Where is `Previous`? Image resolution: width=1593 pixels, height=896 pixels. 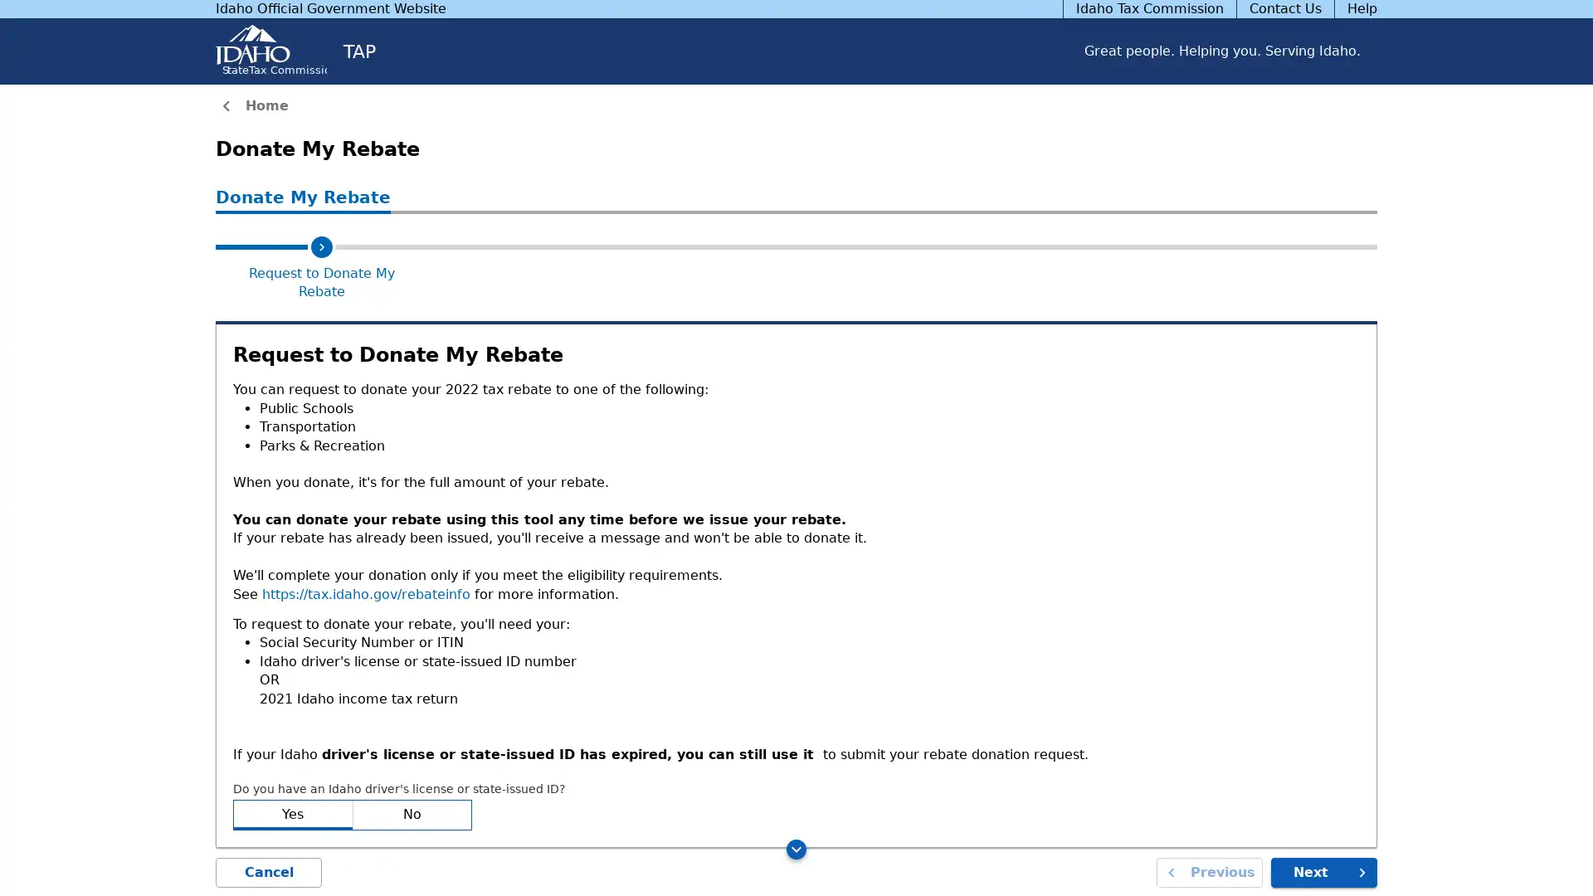 Previous is located at coordinates (1210, 871).